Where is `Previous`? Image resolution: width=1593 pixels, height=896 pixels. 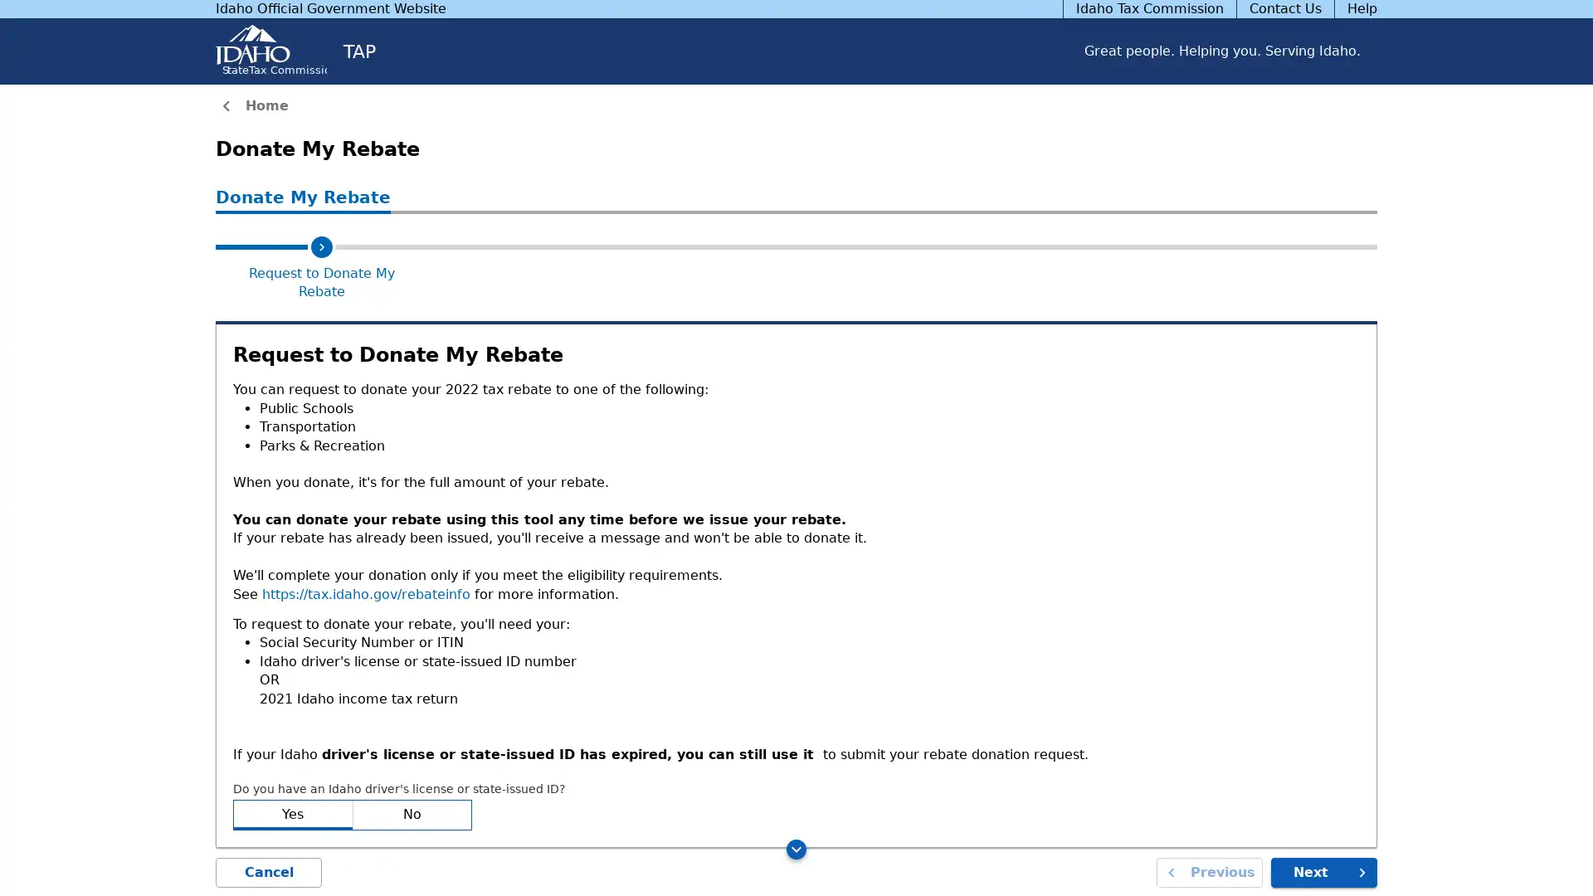 Previous is located at coordinates (1210, 871).